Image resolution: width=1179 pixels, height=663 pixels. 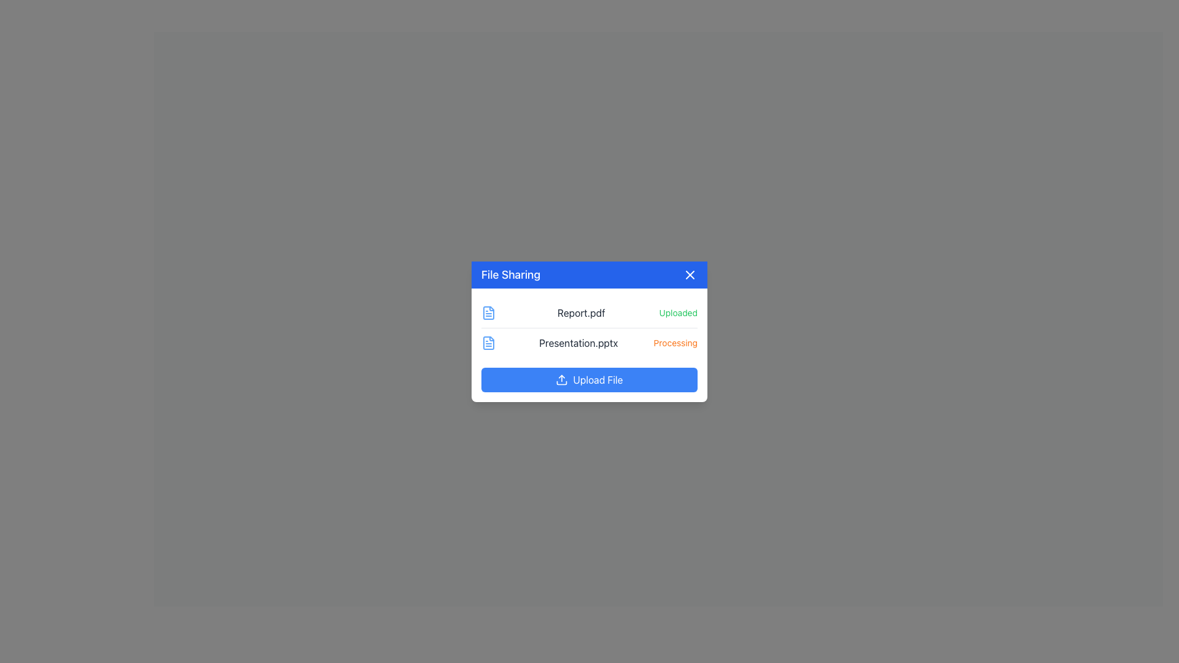 What do you see at coordinates (488, 343) in the screenshot?
I see `the document icon representing the file 'Report.pdf' in the 'File Sharing' modal window, which is positioned at the top-left corner of the modal and aligned with its label` at bounding box center [488, 343].